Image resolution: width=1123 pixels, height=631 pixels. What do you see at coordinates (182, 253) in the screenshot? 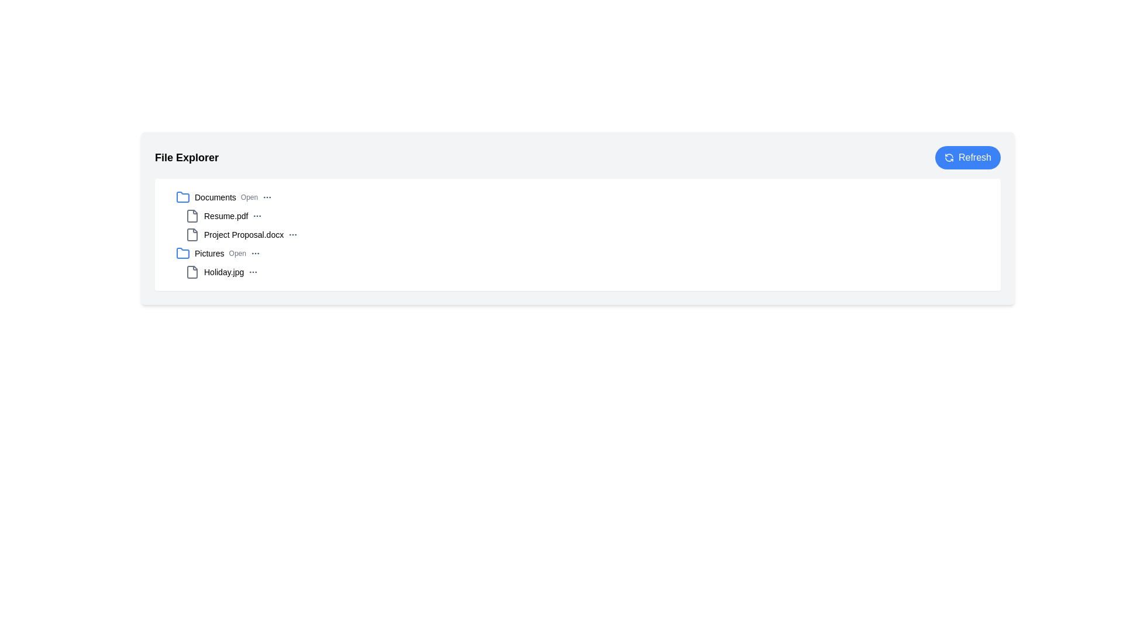
I see `the blue folder SVG icon located in the second row of the file list, immediately to the left of the 'Pictures' text label` at bounding box center [182, 253].